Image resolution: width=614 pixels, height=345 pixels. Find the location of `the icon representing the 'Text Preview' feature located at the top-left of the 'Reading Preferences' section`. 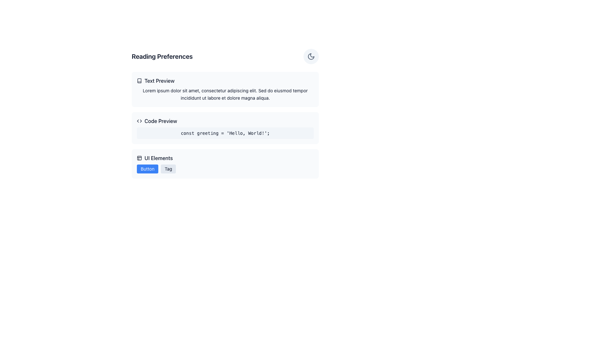

the icon representing the 'Text Preview' feature located at the top-left of the 'Reading Preferences' section is located at coordinates (139, 80).